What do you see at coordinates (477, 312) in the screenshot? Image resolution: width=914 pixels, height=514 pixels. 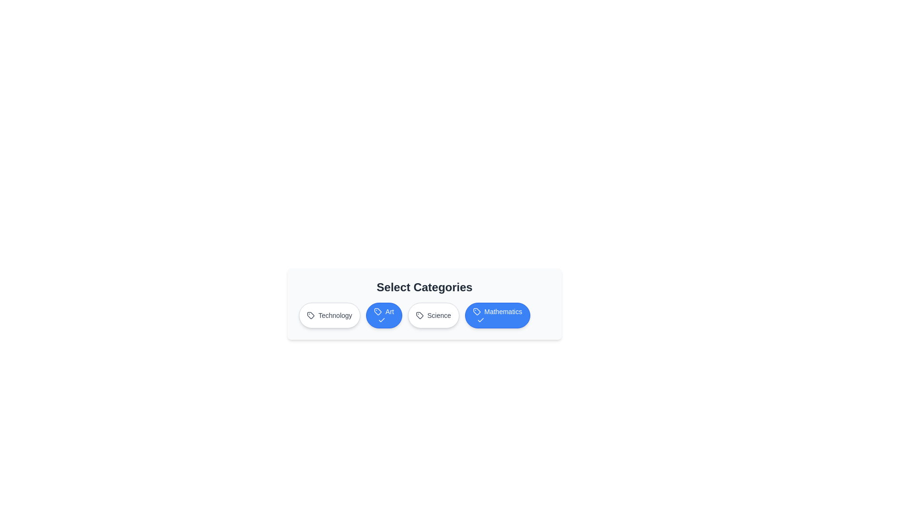 I see `the icon within the category button labeled Mathematics` at bounding box center [477, 312].